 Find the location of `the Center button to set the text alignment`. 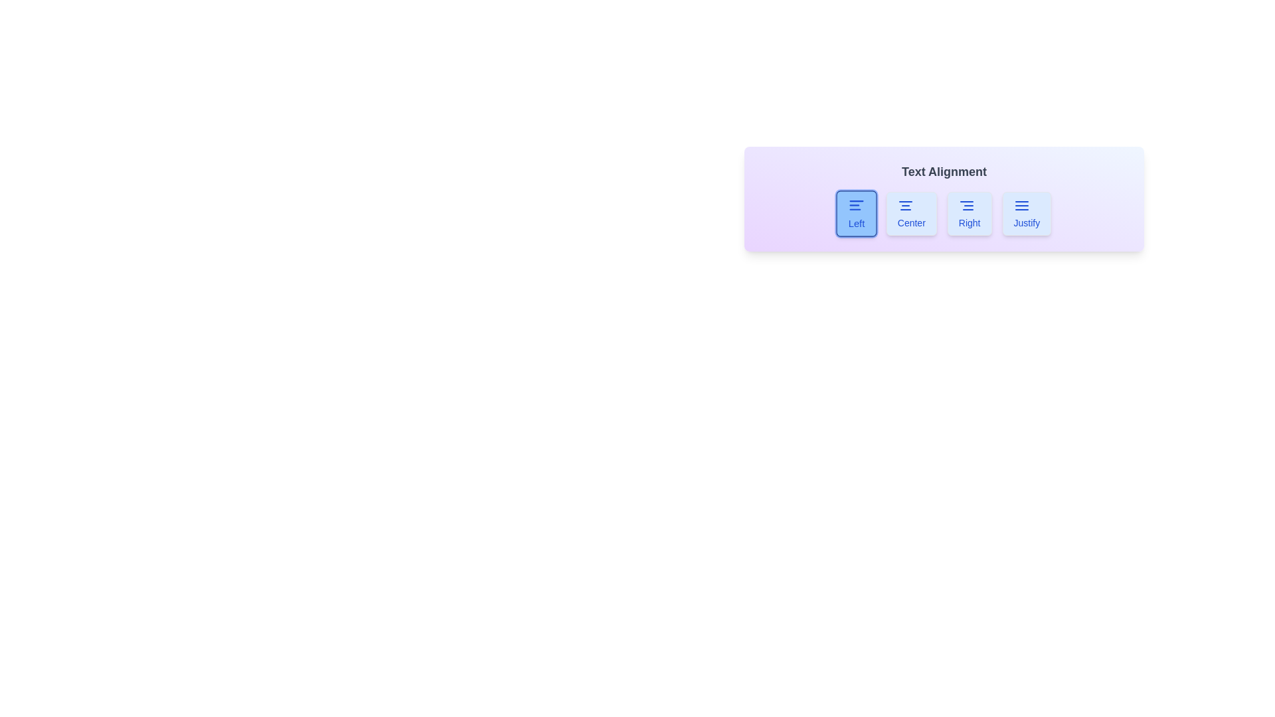

the Center button to set the text alignment is located at coordinates (910, 212).